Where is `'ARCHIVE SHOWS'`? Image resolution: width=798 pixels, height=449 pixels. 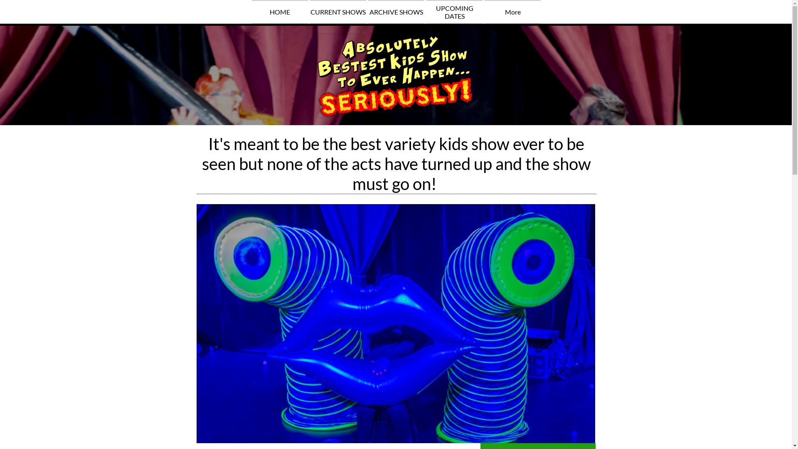 'ARCHIVE SHOWS' is located at coordinates (396, 12).